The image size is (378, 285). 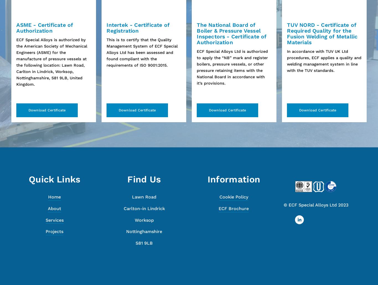 What do you see at coordinates (127, 179) in the screenshot?
I see `'Find Us'` at bounding box center [127, 179].